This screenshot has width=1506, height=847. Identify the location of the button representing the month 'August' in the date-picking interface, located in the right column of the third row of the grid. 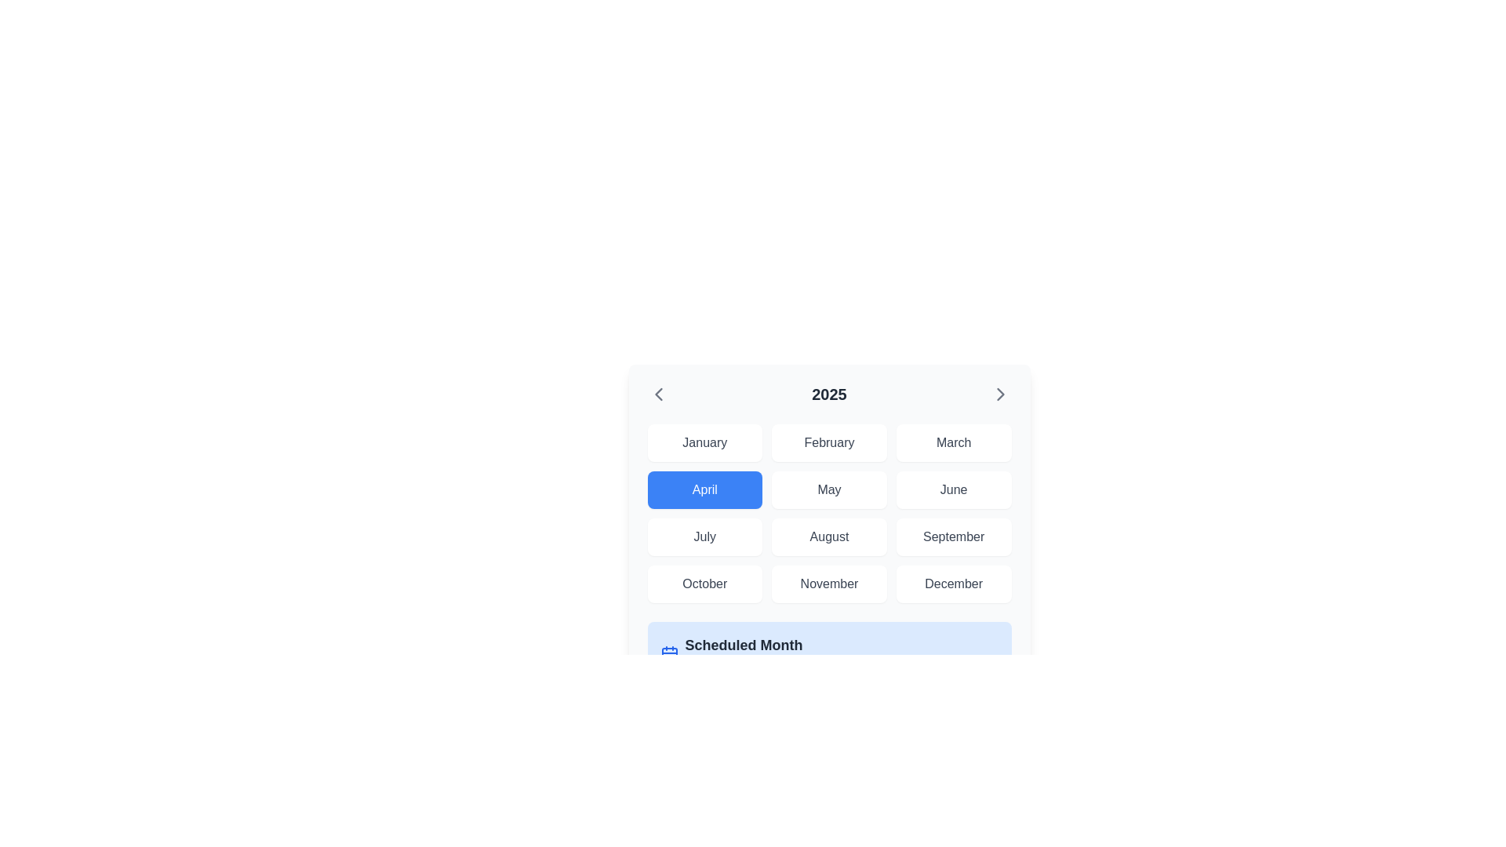
(828, 536).